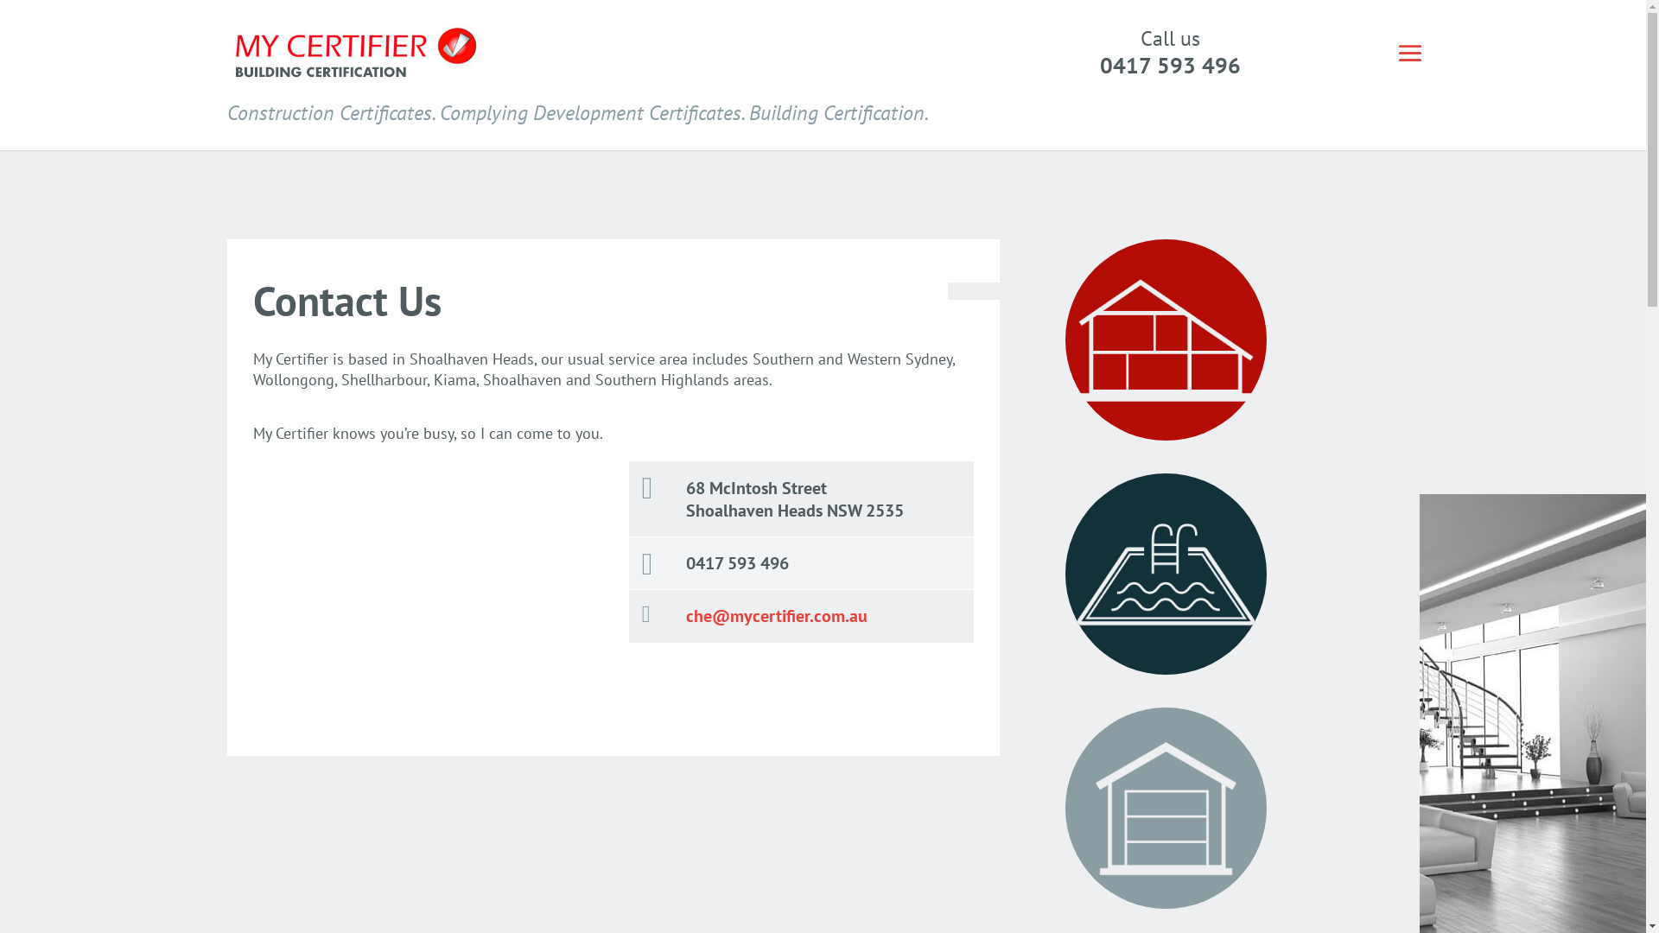 The width and height of the screenshot is (1659, 933). I want to click on 'che@mycertifier.com.au', so click(775, 614).